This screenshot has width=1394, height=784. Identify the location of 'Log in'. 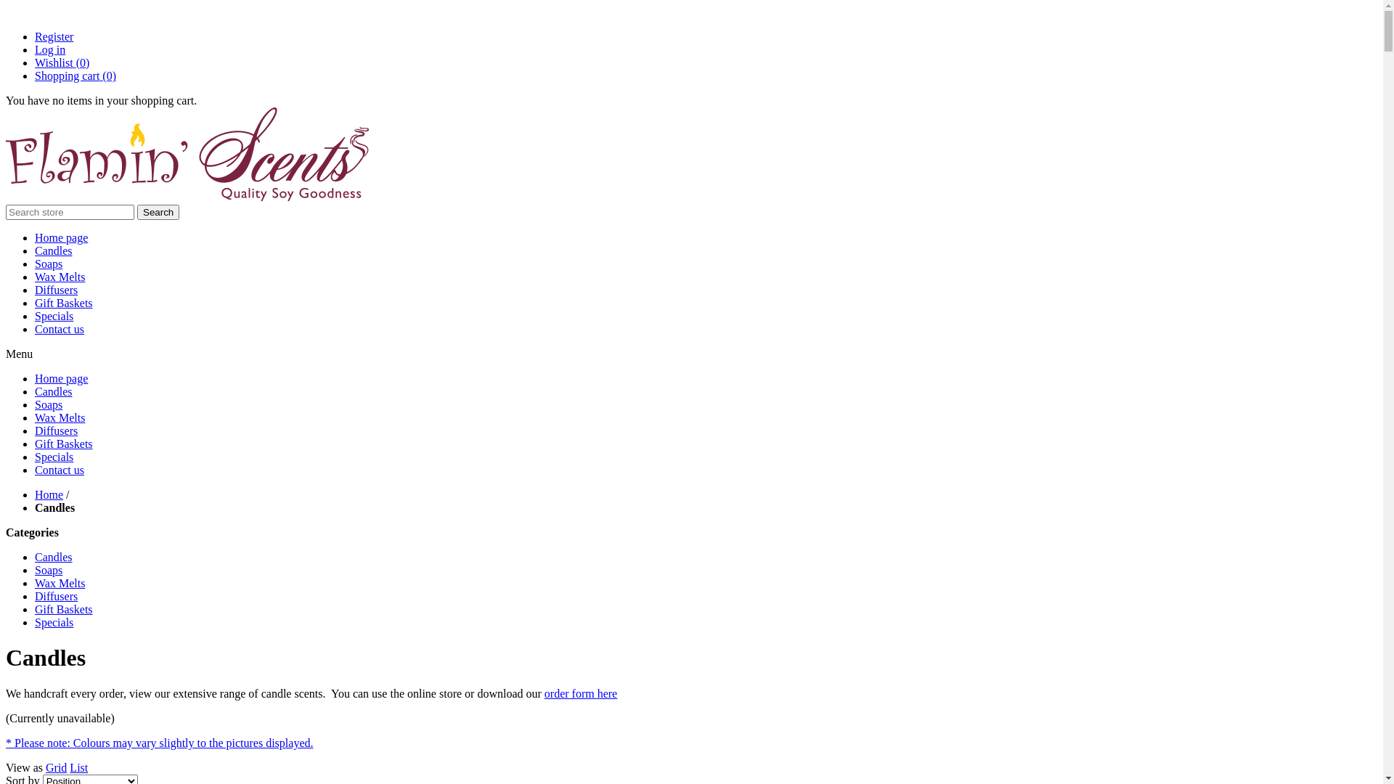
(49, 49).